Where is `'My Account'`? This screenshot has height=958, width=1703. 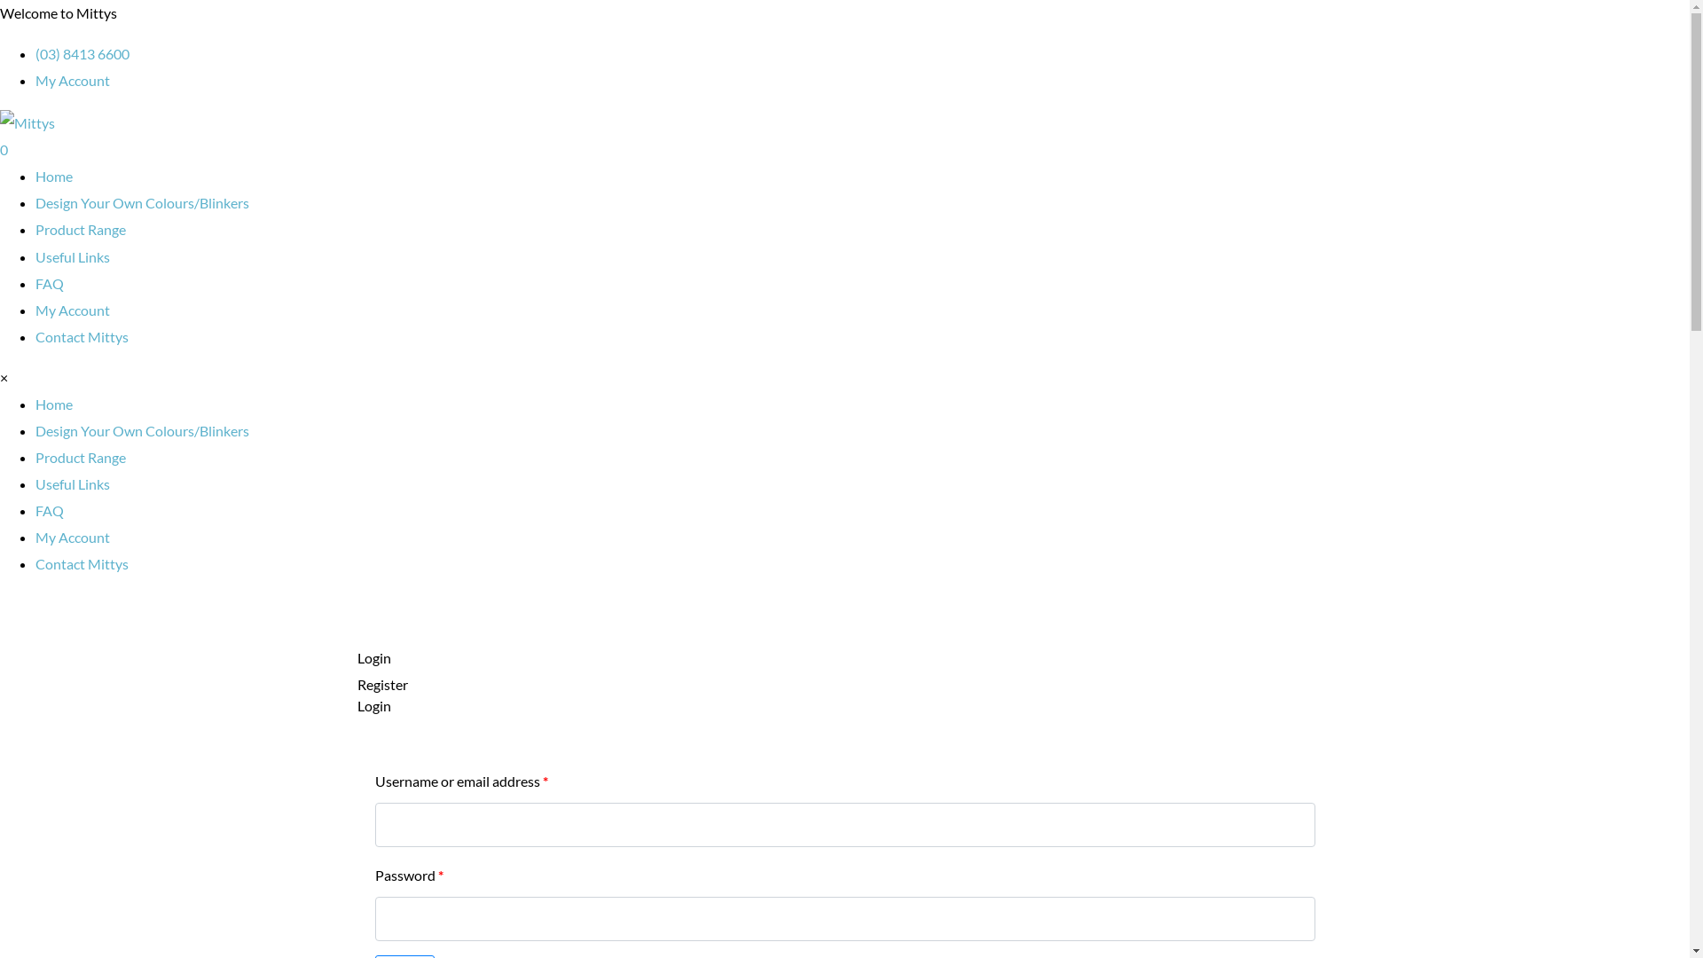 'My Account' is located at coordinates (71, 80).